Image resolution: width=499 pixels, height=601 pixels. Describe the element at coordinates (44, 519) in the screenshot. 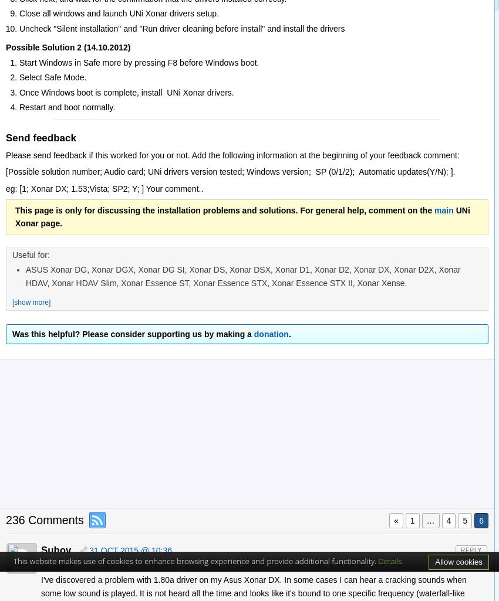

I see `'236 Comments'` at that location.